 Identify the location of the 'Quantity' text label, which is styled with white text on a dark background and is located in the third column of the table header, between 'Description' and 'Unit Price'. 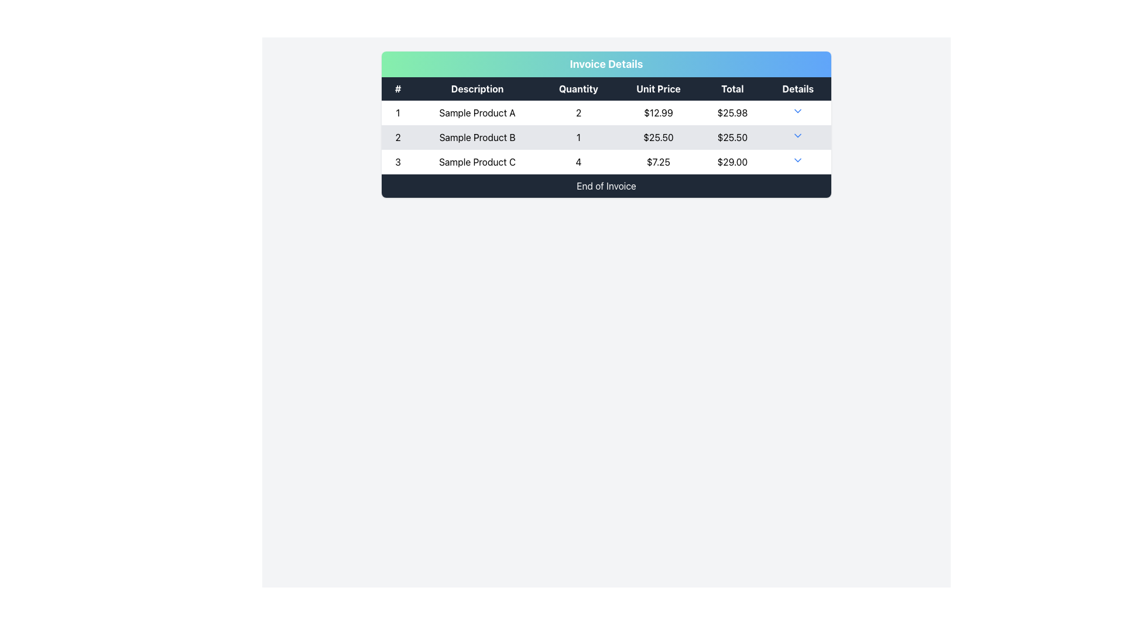
(578, 88).